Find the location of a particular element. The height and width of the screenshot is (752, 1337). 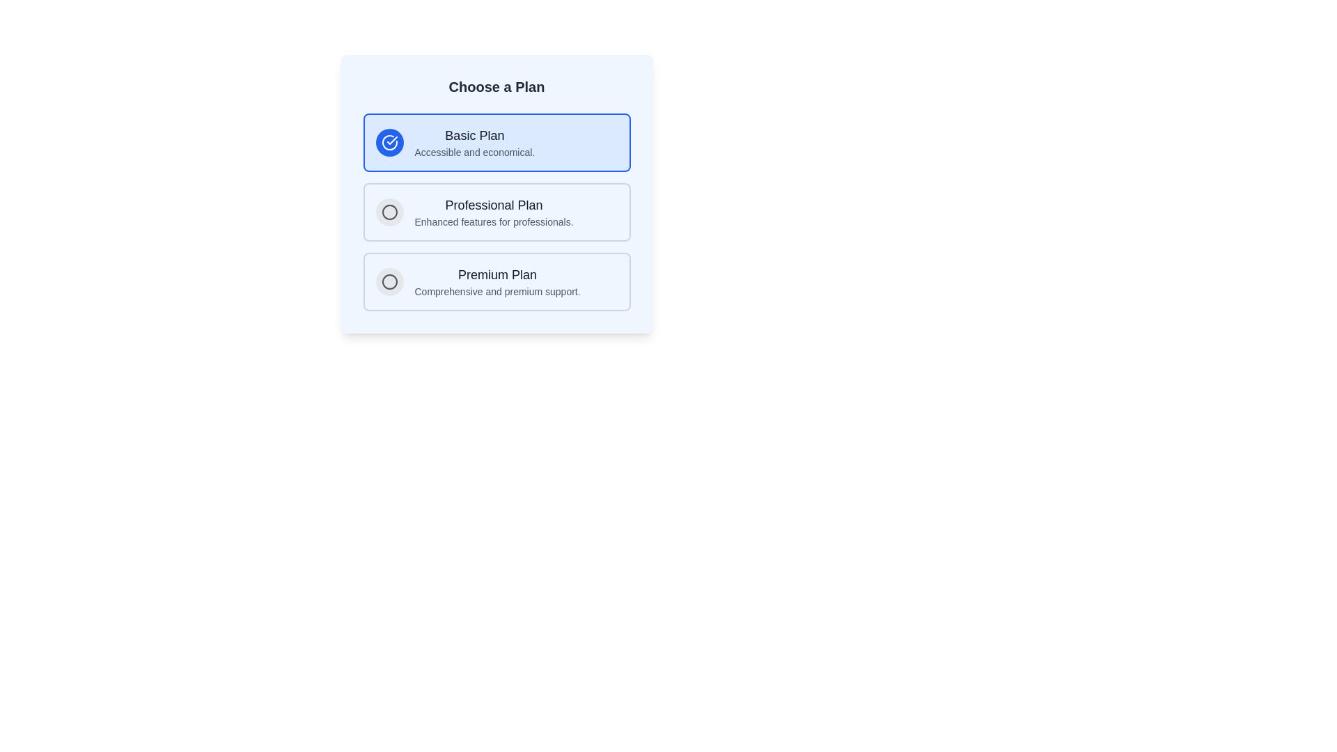

the informational text label that describes the 'Basic Plan', located directly below the 'Basic Plan' header is located at coordinates (474, 152).